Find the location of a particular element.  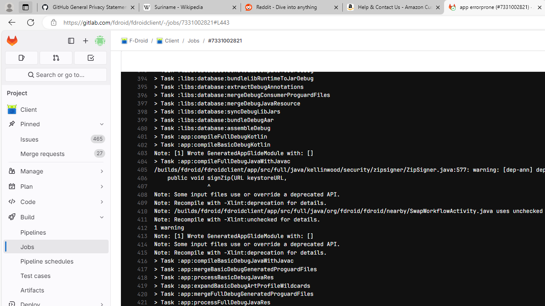

'avatar Client' is located at coordinates (55, 109).